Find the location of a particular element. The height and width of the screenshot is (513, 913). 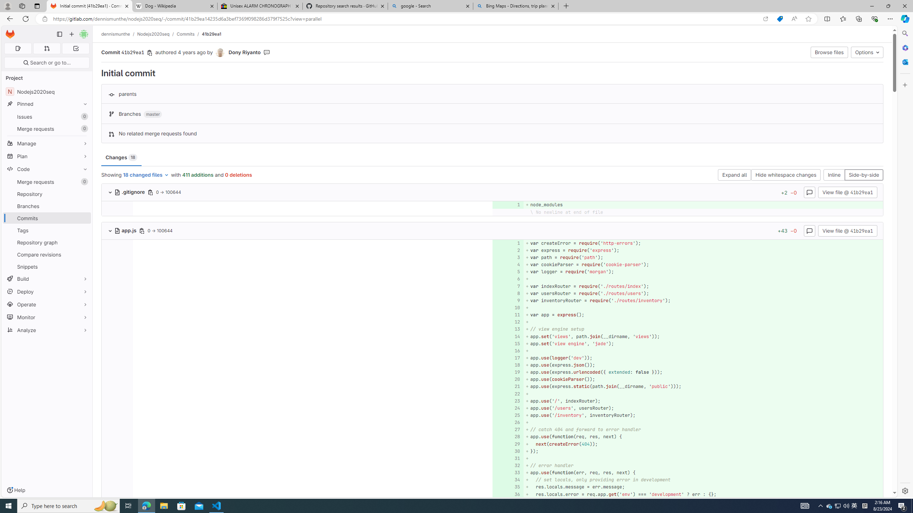

'Add a comment to this line 18' is located at coordinates (507, 365).